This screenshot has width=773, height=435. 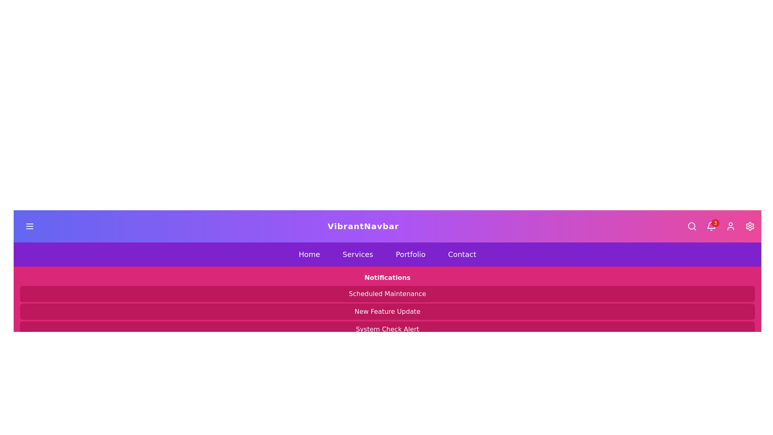 What do you see at coordinates (29, 226) in the screenshot?
I see `the hamburger icon button, which is a three-line horizontal icon with a gradient background from purple to blue, located in the header near the top-left corner of the page` at bounding box center [29, 226].